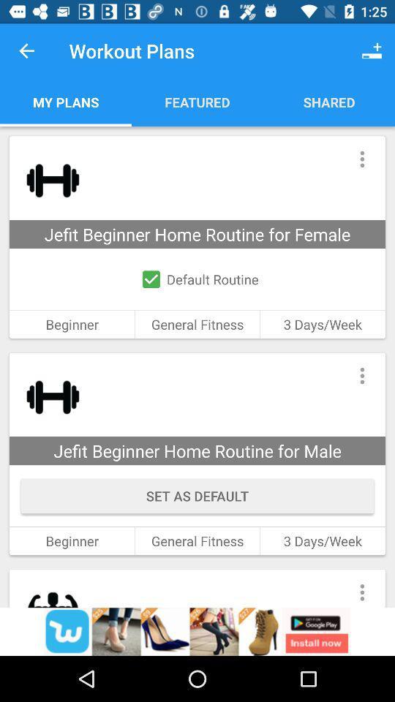 This screenshot has height=702, width=395. Describe the element at coordinates (361, 375) in the screenshot. I see `manu button` at that location.